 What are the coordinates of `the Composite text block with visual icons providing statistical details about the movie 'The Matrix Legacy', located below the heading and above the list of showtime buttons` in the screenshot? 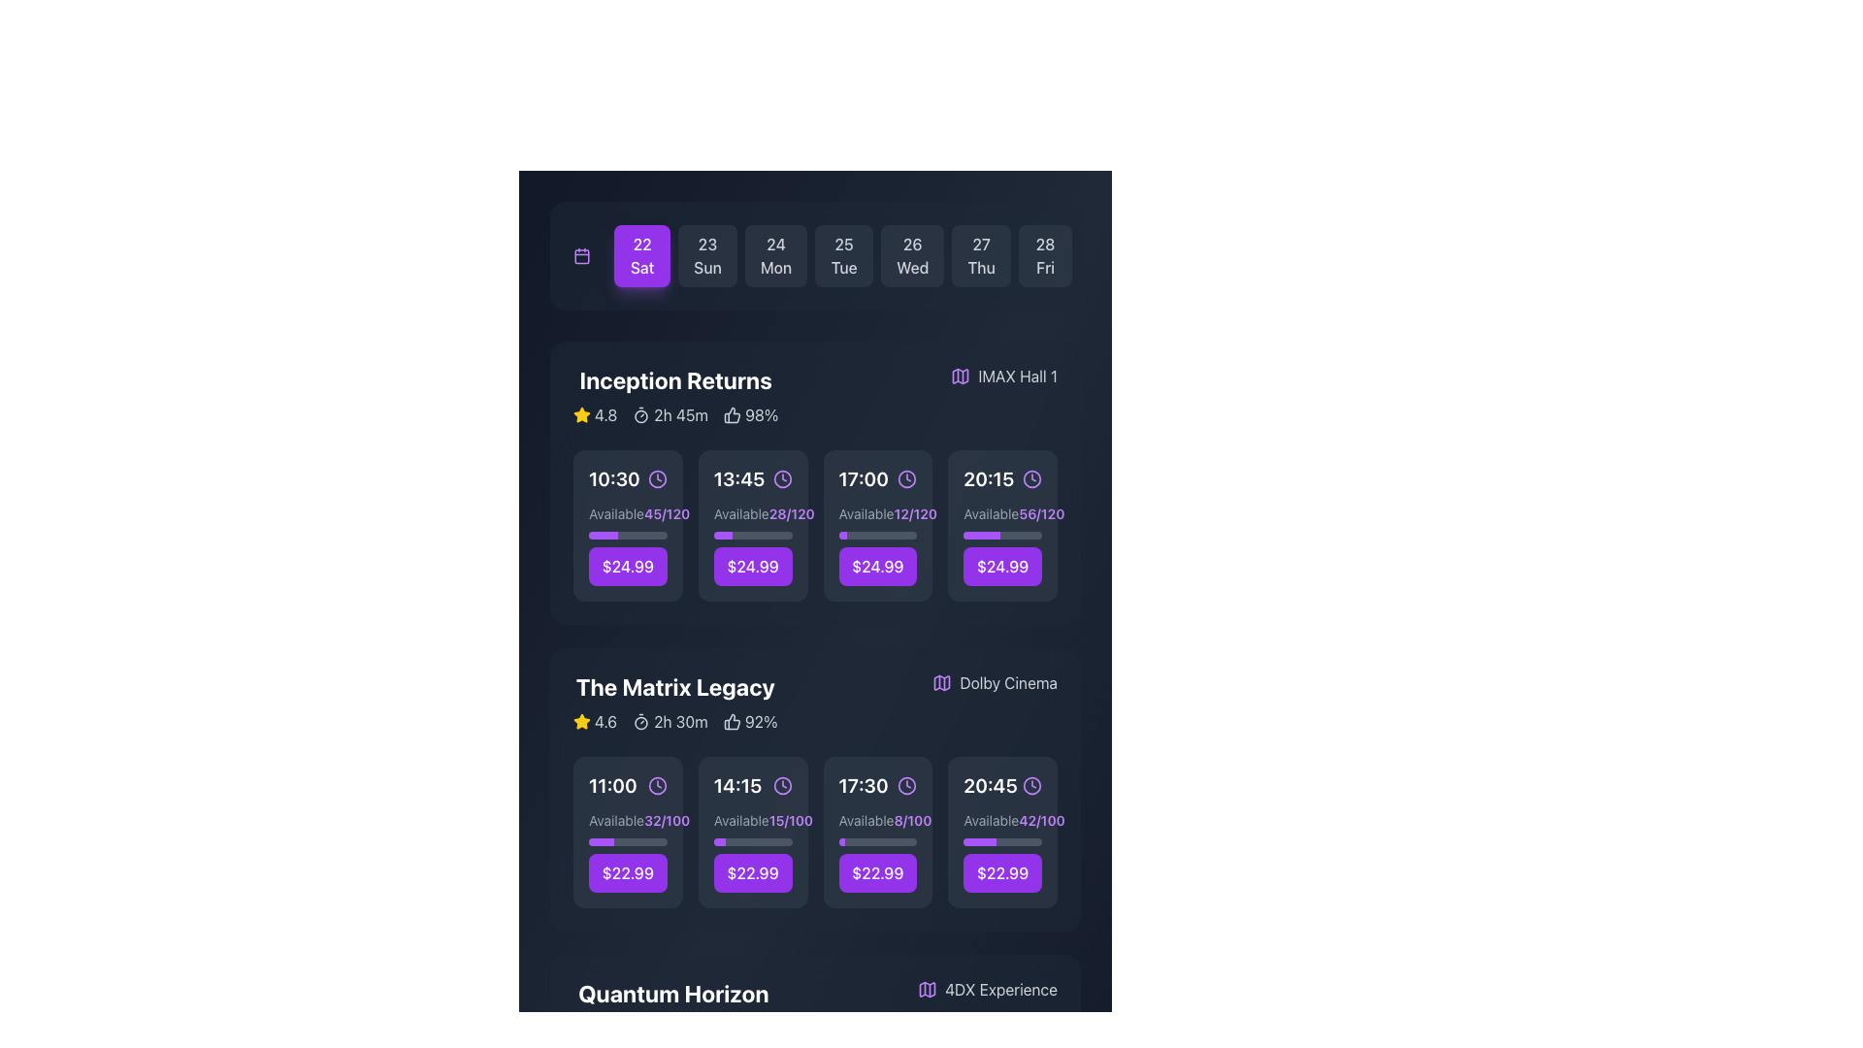 It's located at (675, 722).